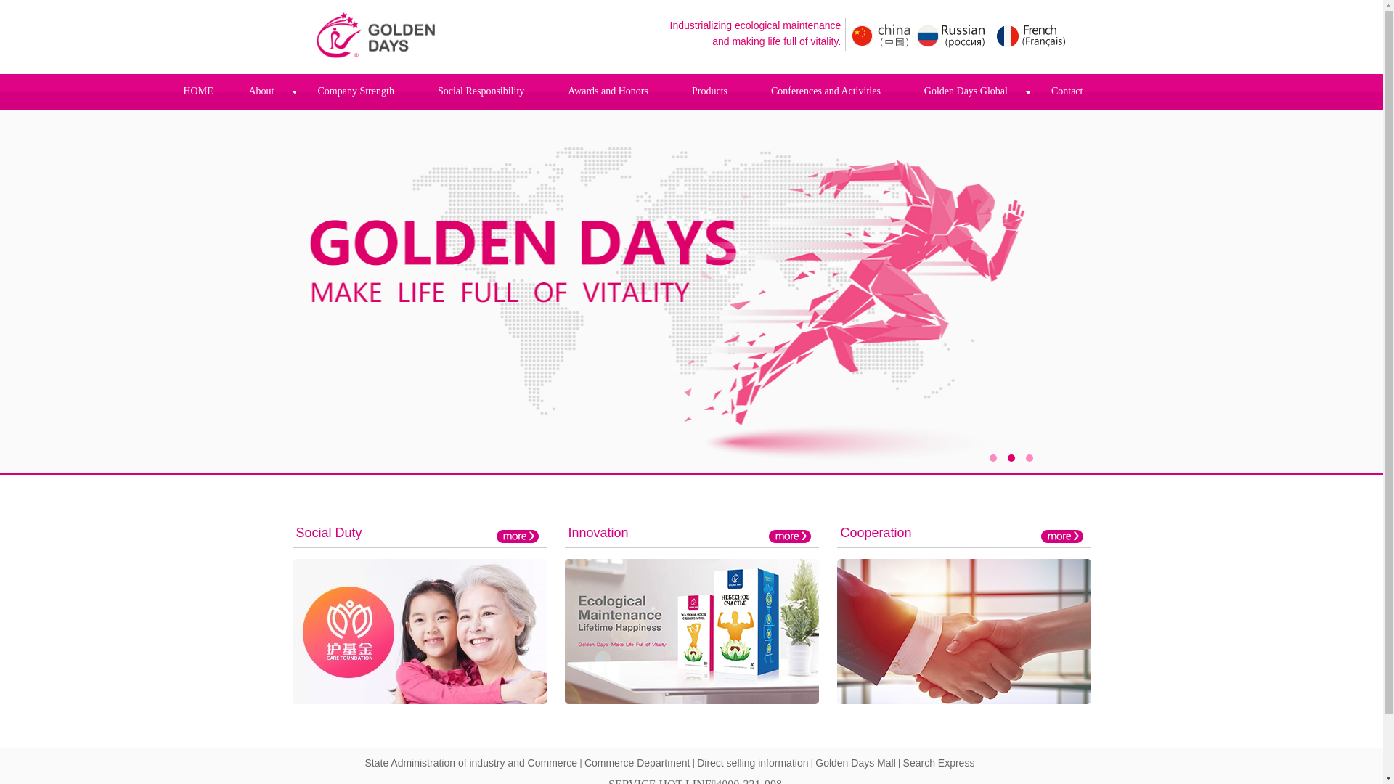 This screenshot has height=784, width=1394. Describe the element at coordinates (875, 532) in the screenshot. I see `'Cooperation'` at that location.